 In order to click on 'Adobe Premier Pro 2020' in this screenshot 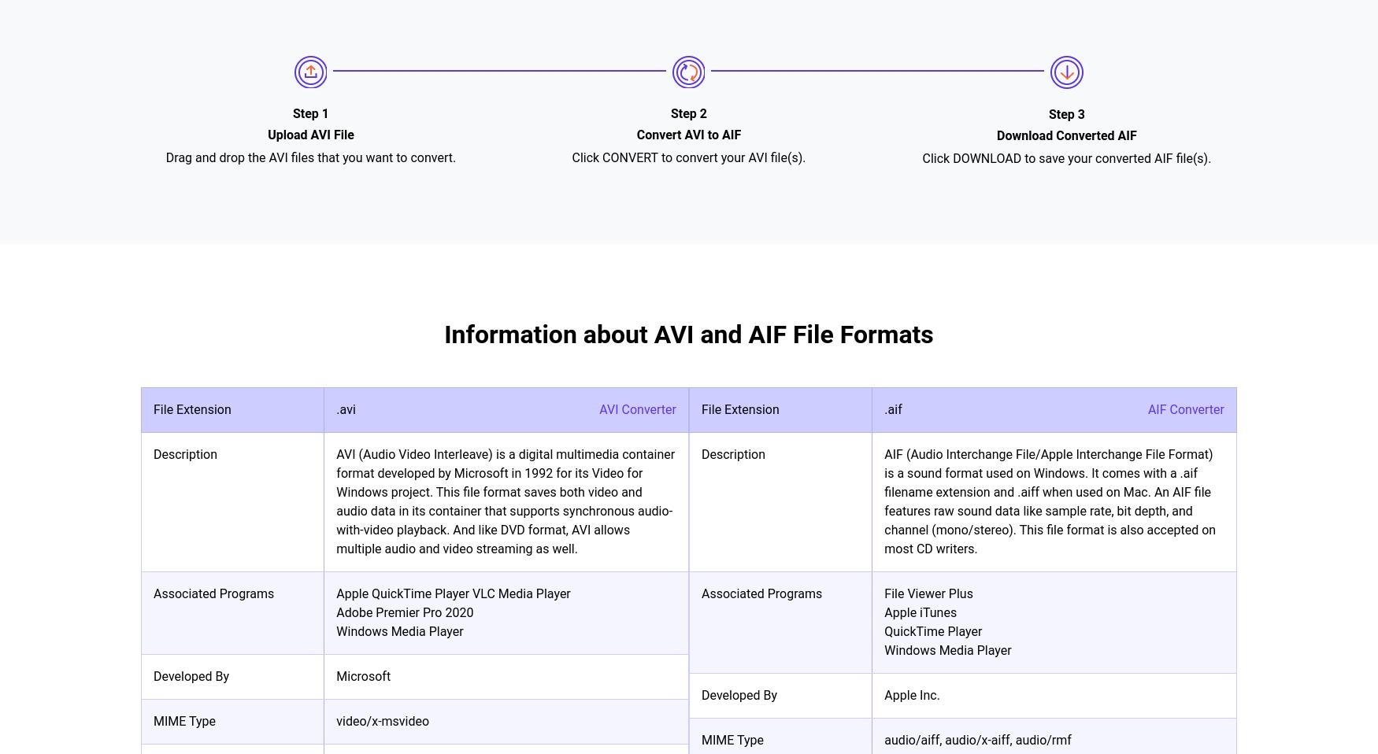, I will do `click(403, 612)`.